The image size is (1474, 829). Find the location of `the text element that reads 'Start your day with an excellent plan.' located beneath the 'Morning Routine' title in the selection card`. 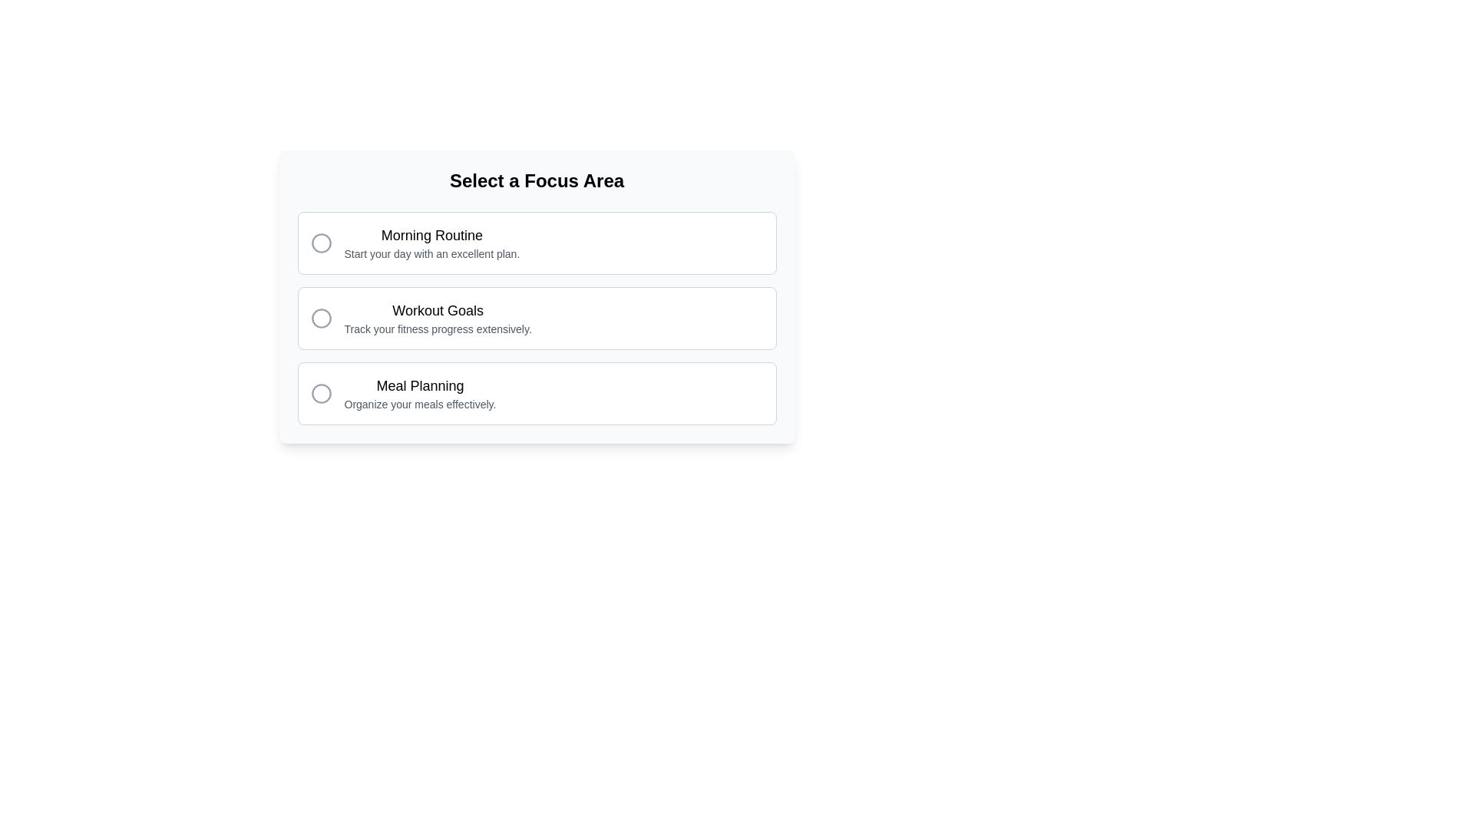

the text element that reads 'Start your day with an excellent plan.' located beneath the 'Morning Routine' title in the selection card is located at coordinates (431, 253).